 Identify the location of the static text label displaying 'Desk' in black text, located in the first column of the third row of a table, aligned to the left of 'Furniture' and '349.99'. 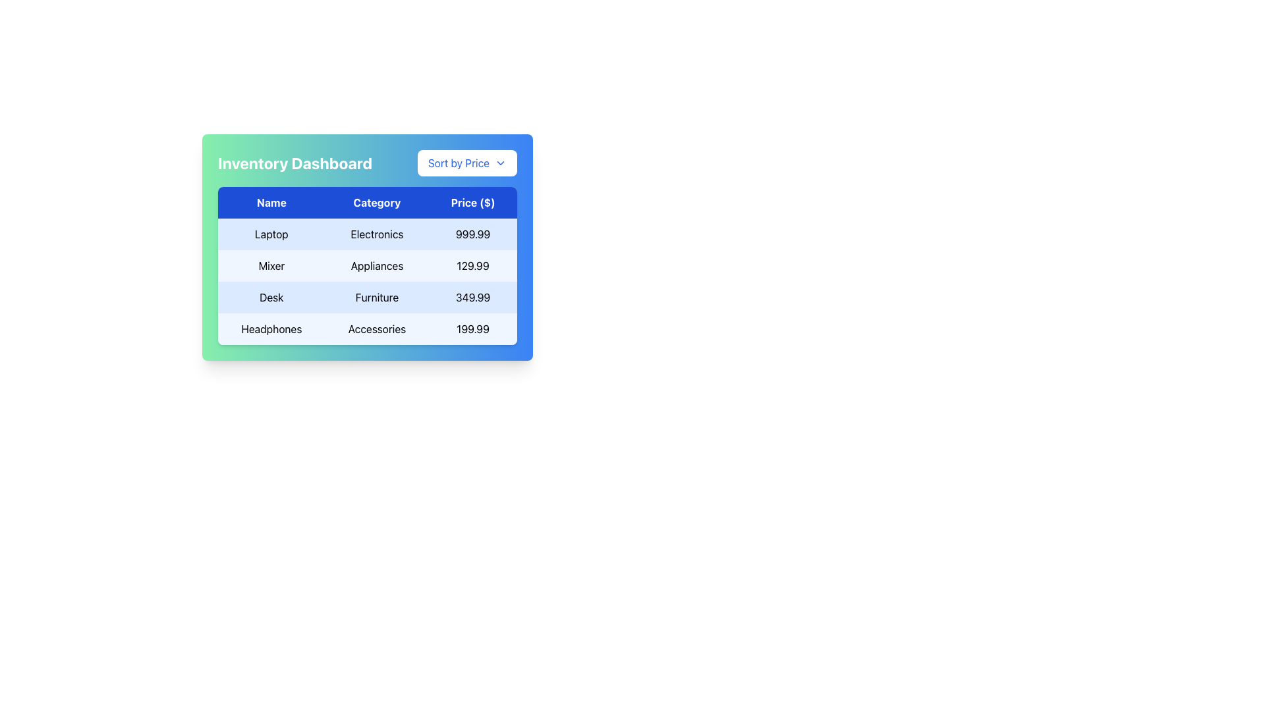
(271, 297).